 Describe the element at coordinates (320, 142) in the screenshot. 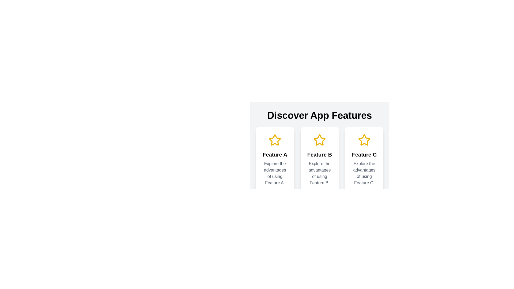

I see `feature description from the Information card that has a yellow star icon and displays 'Feature B' text in a bold font, located in the center of the three aligned cards` at that location.